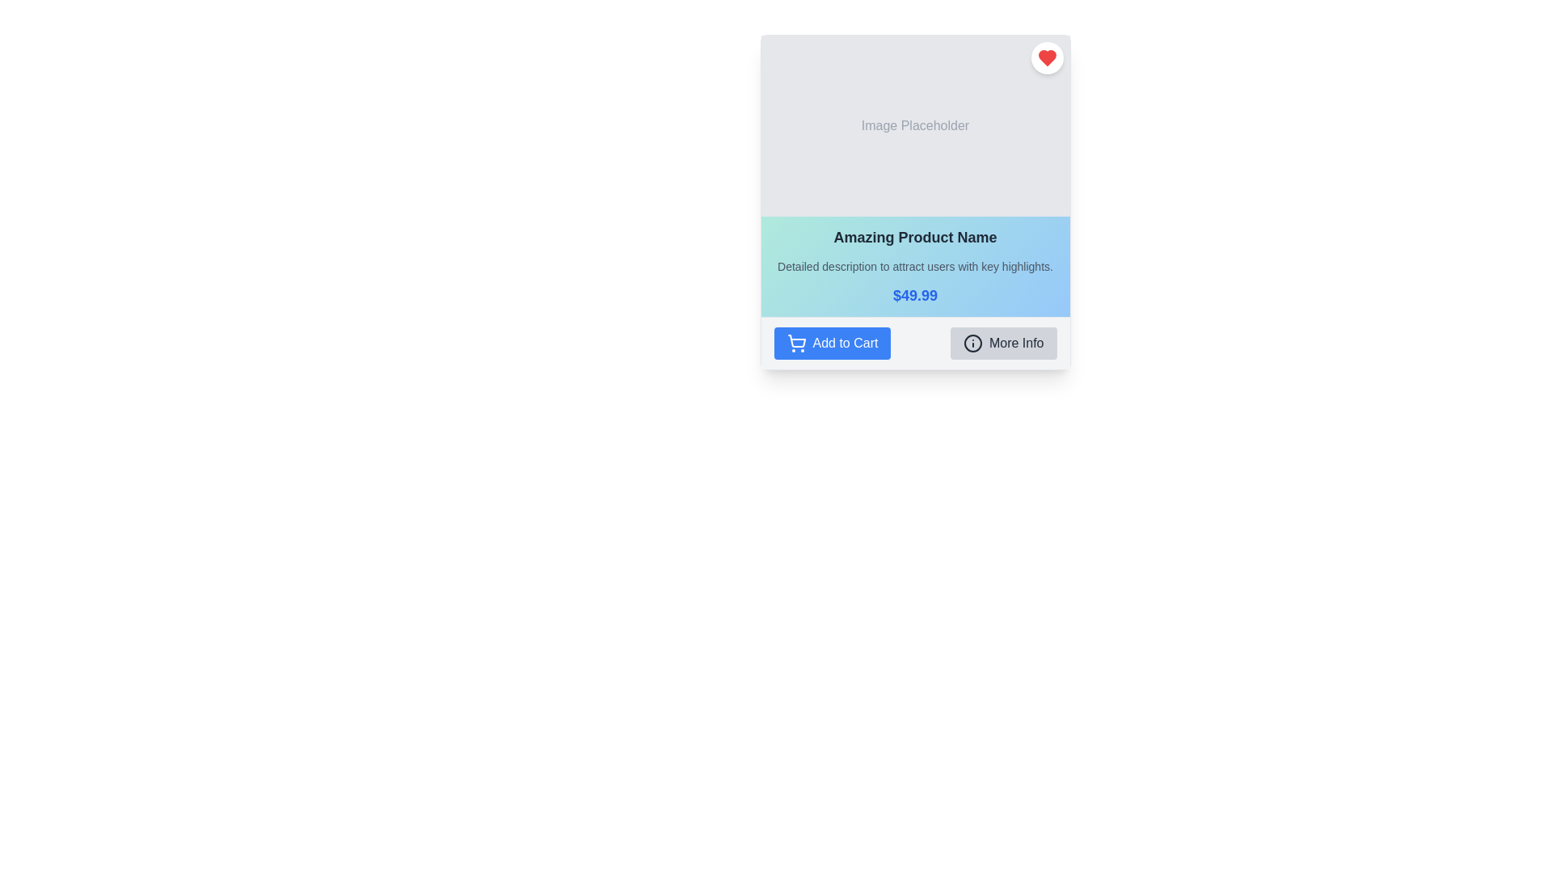 This screenshot has width=1552, height=873. Describe the element at coordinates (972, 342) in the screenshot. I see `the SVG circle element that is part of the 'More Info' button section in the bottom-right corner of the component` at that location.